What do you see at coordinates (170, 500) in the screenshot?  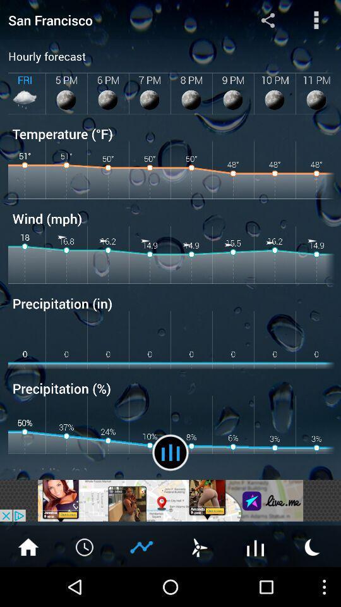 I see `advertisement` at bounding box center [170, 500].